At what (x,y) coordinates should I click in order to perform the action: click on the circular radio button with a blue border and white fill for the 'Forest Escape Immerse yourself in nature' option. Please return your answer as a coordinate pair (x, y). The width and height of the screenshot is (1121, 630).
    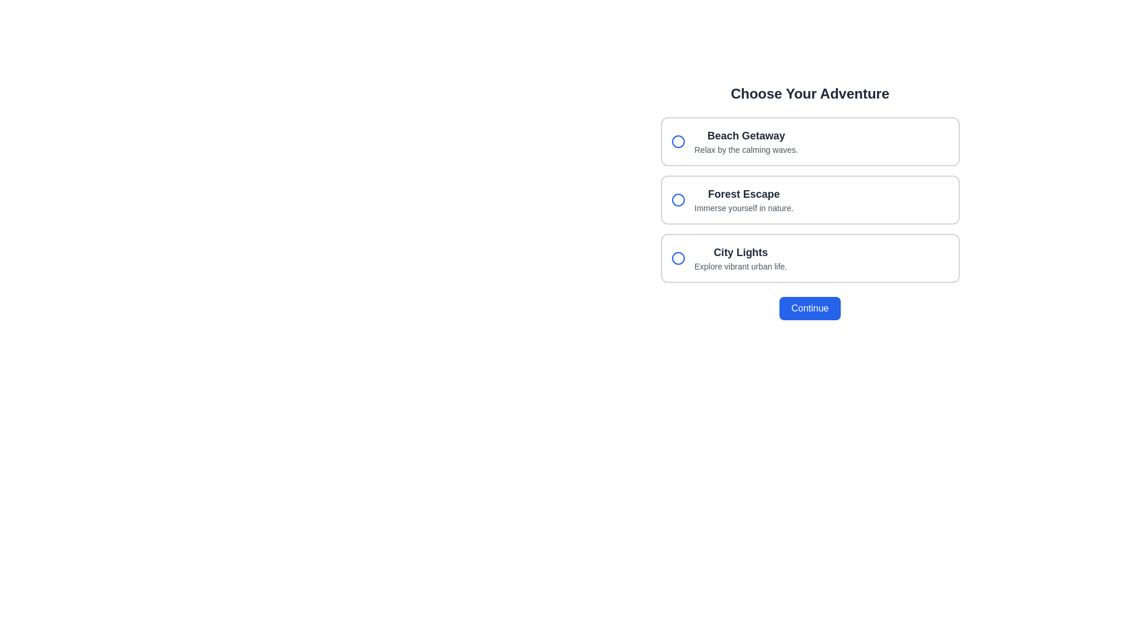
    Looking at the image, I should click on (678, 199).